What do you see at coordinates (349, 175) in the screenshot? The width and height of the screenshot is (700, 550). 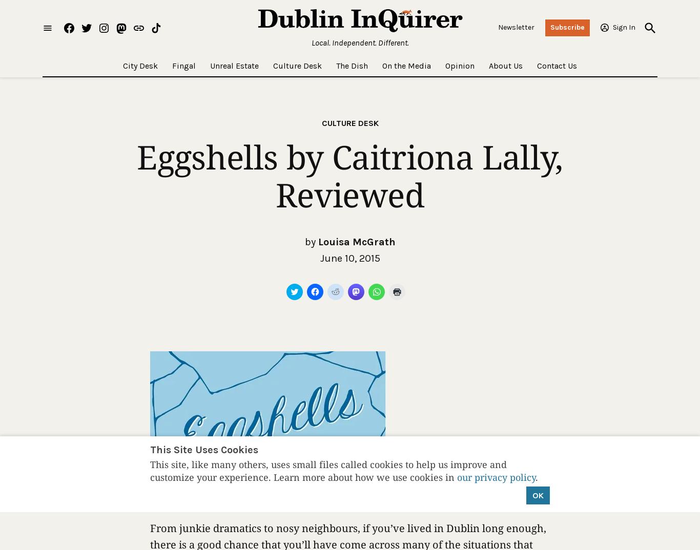 I see `'Eggshells by Caitriona Lally, Reviewed'` at bounding box center [349, 175].